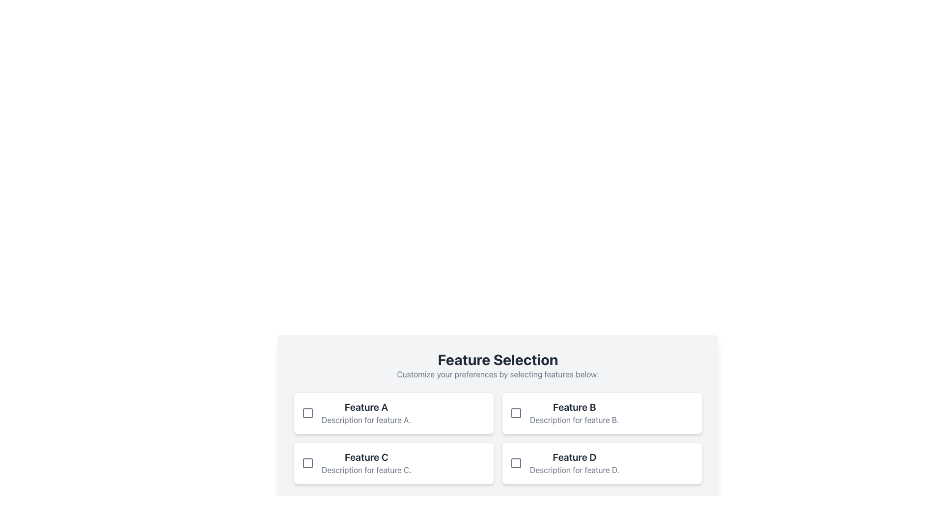 The image size is (943, 530). I want to click on the 'Feature B' text element, which is a bold title followed by a descriptive text, so click(574, 413).